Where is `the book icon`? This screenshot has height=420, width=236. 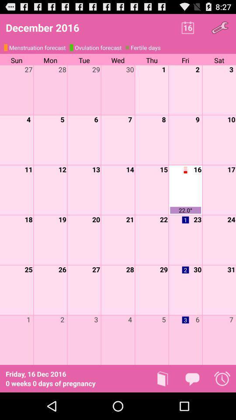 the book icon is located at coordinates (163, 405).